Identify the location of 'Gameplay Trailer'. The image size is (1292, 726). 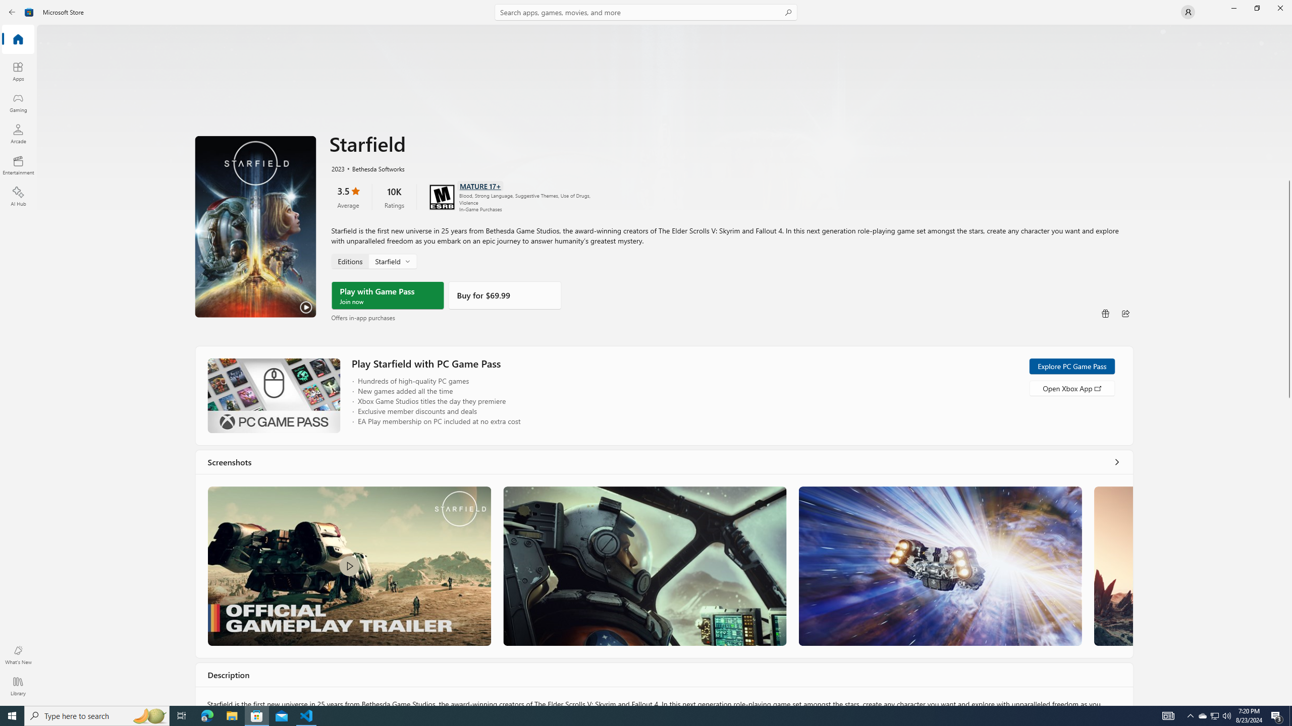
(349, 566).